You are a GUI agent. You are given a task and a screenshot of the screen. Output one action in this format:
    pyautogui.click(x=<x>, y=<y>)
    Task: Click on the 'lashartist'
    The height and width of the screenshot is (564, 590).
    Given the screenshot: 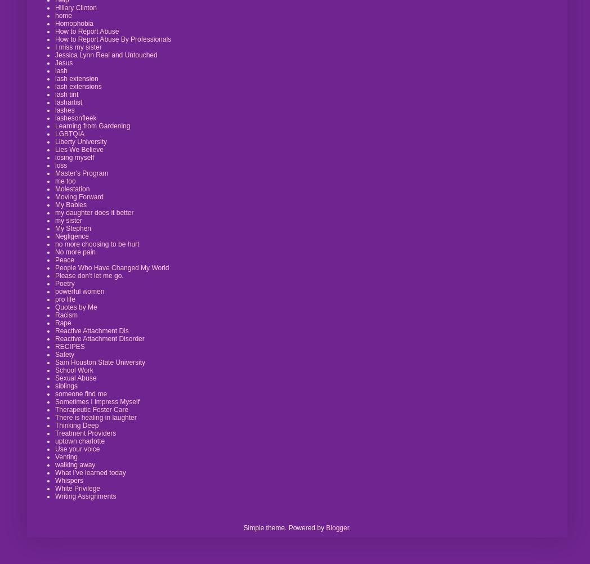 What is the action you would take?
    pyautogui.click(x=54, y=101)
    